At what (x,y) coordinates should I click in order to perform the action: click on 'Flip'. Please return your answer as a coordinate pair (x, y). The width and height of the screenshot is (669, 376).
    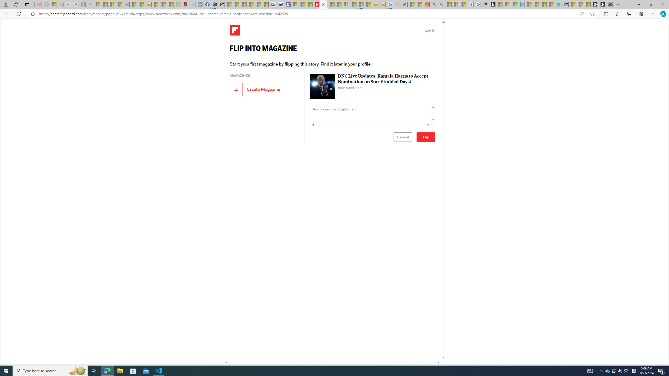
    Looking at the image, I should click on (426, 137).